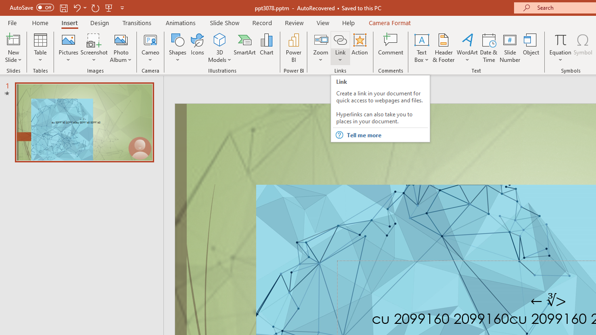 The image size is (596, 335). I want to click on 'Pictures', so click(68, 48).